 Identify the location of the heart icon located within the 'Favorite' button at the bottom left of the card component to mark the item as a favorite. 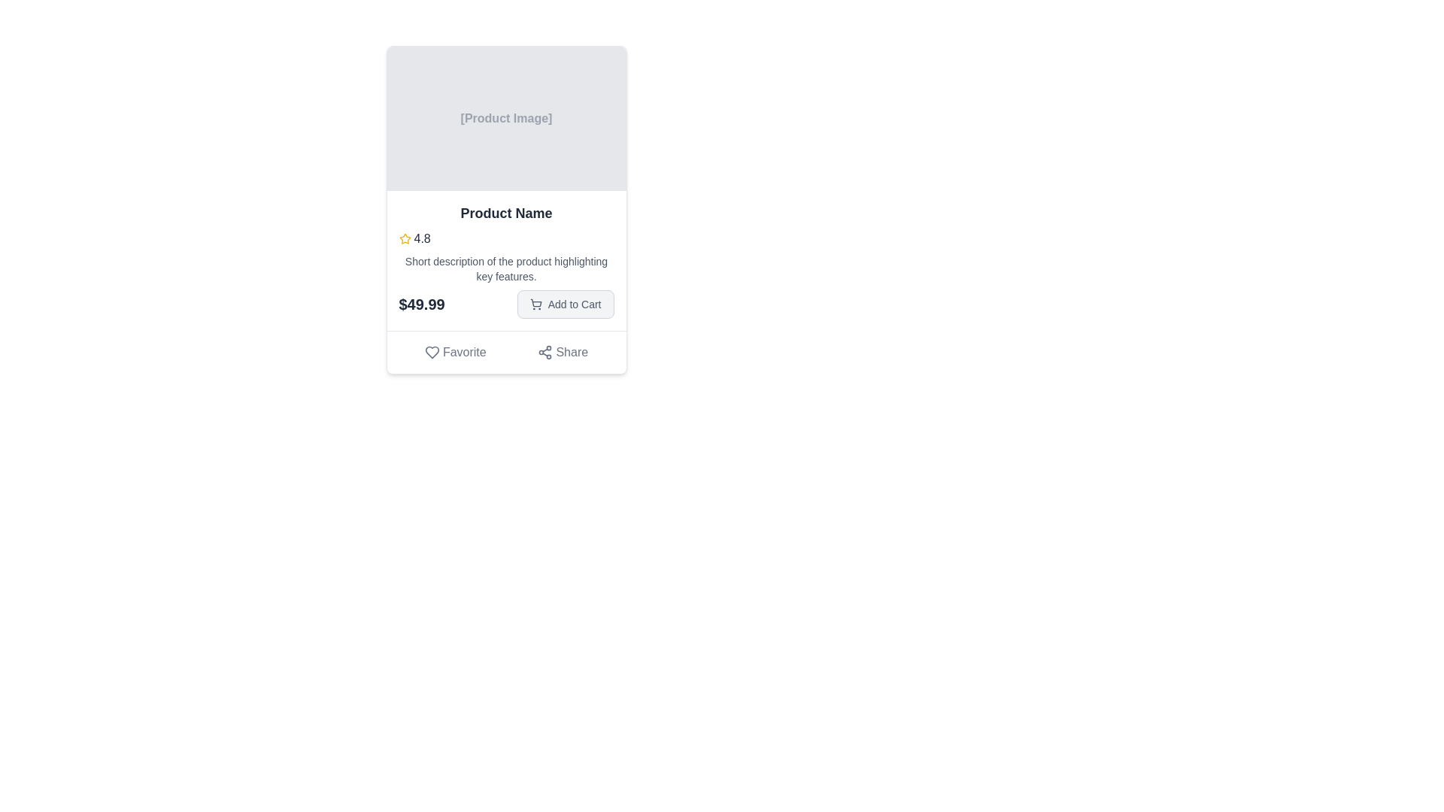
(431, 353).